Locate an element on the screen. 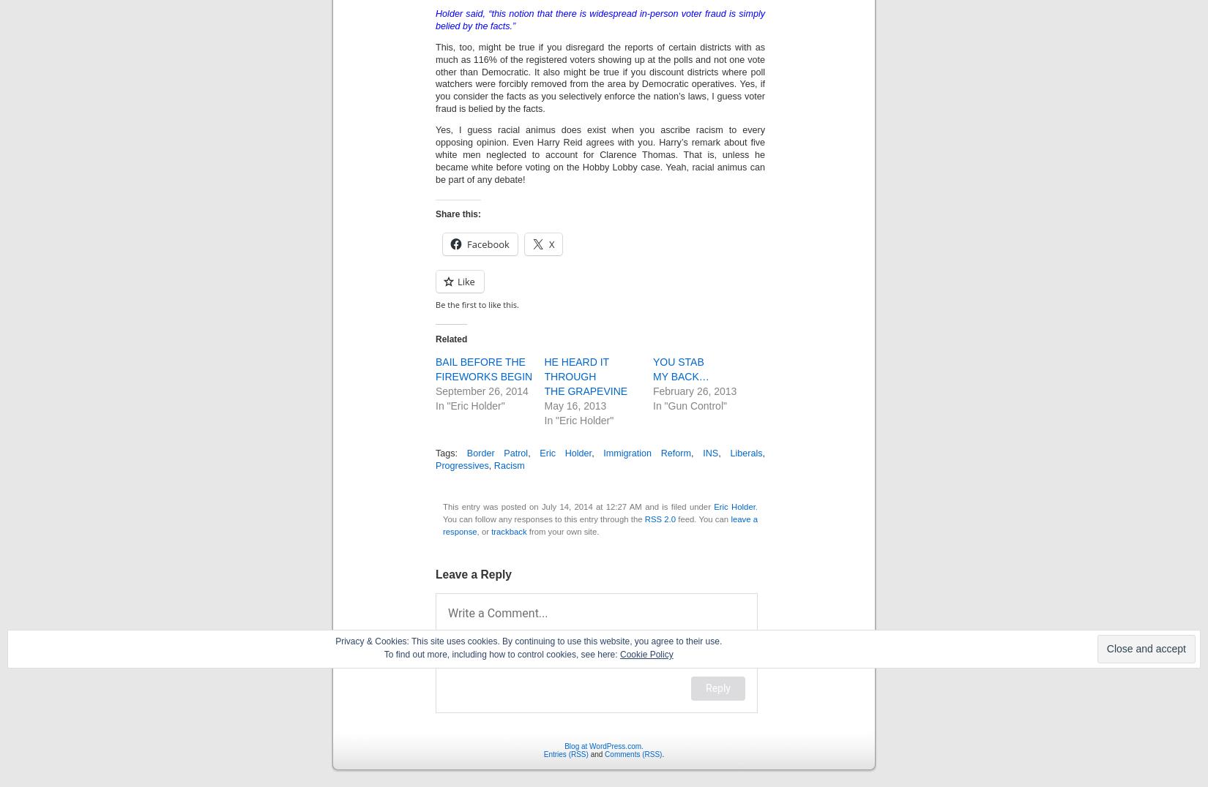 Image resolution: width=1208 pixels, height=787 pixels. '.						You can follow any responses to this entry through the' is located at coordinates (600, 513).